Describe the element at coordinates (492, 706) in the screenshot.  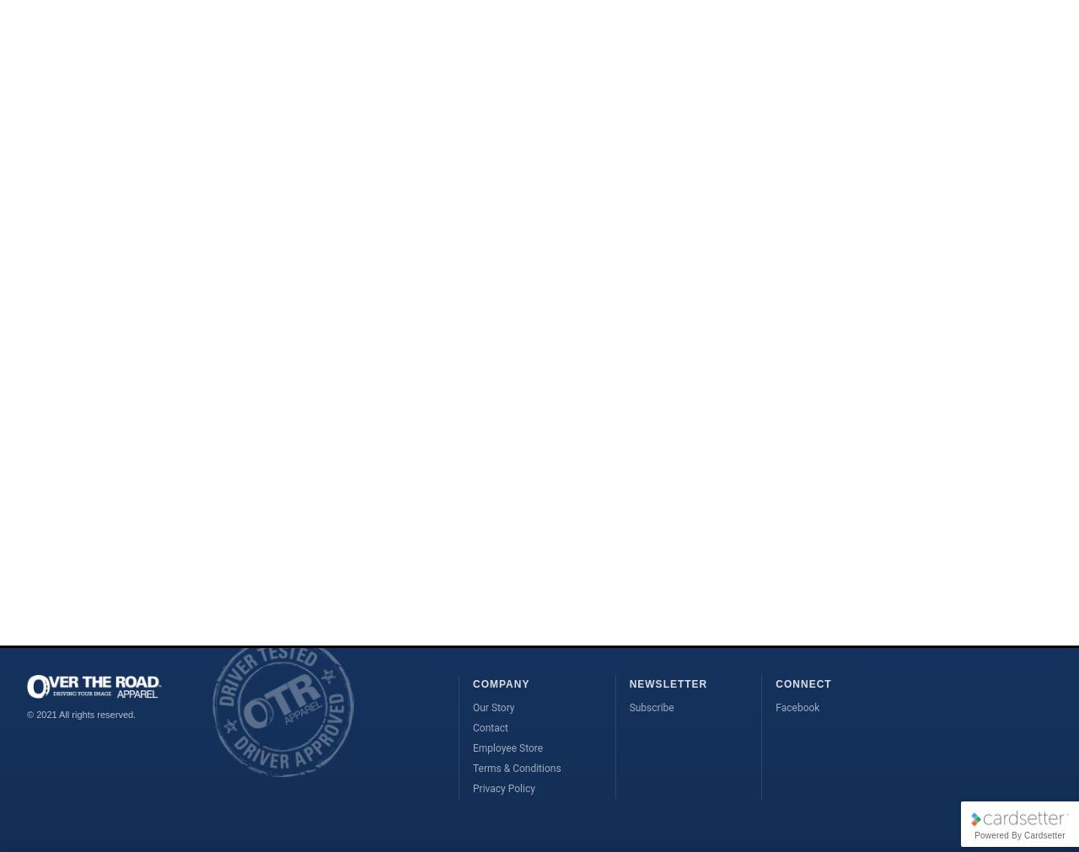
I see `'Our Story'` at that location.